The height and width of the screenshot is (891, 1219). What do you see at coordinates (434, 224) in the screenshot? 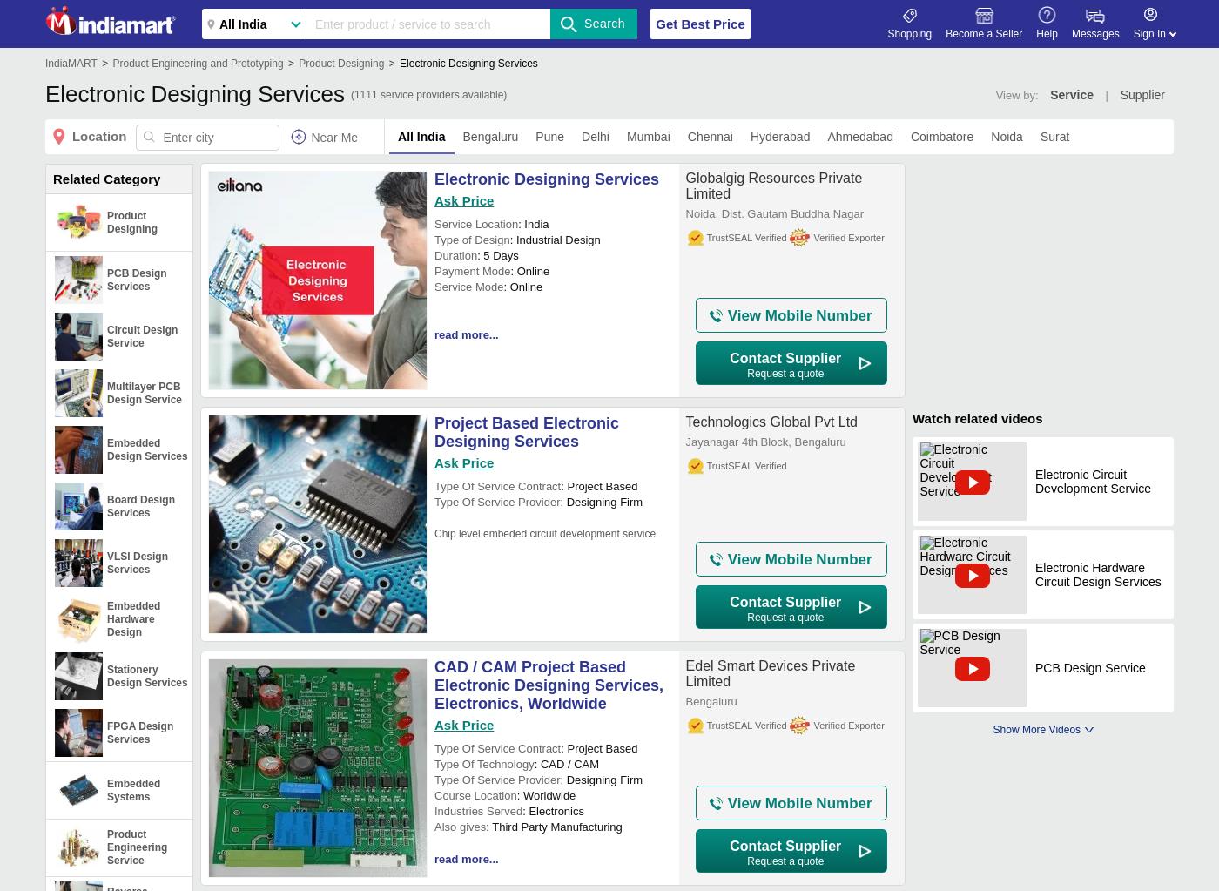
I see `'Service Location'` at bounding box center [434, 224].